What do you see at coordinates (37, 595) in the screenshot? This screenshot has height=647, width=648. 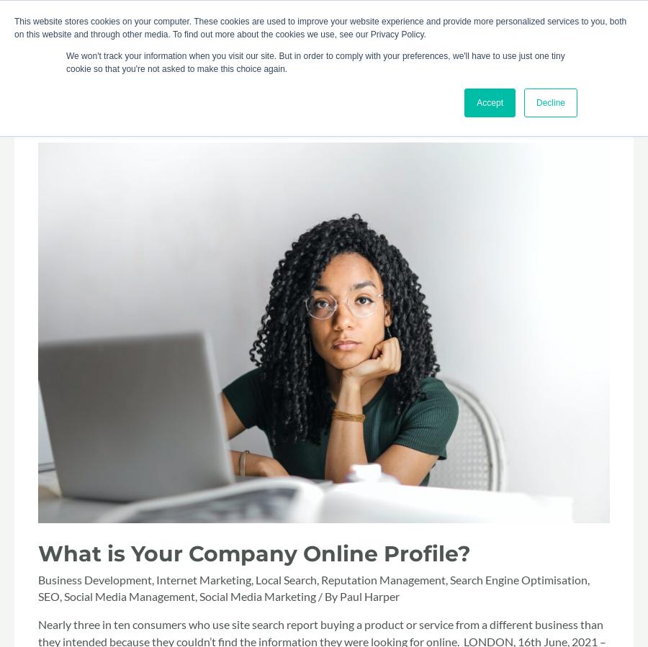 I see `'SEO'` at bounding box center [37, 595].